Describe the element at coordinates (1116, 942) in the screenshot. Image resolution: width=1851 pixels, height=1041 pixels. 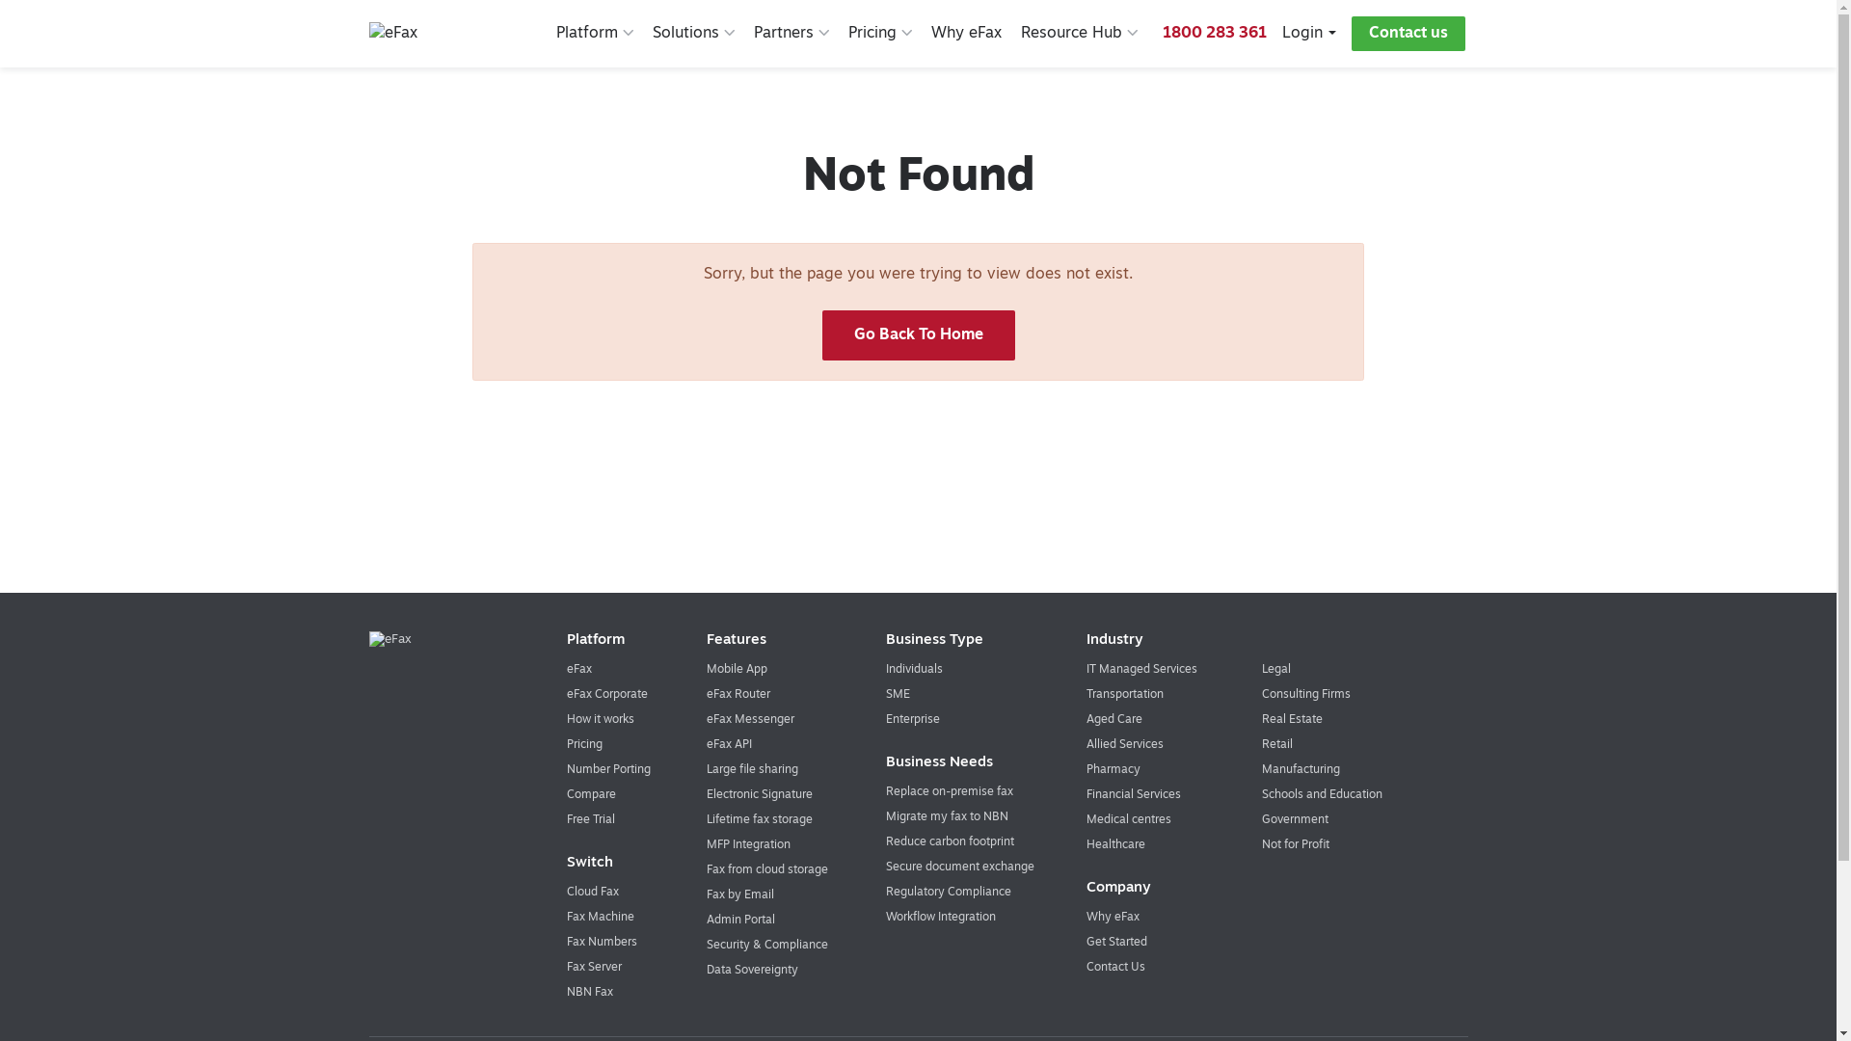
I see `'Get Started'` at that location.